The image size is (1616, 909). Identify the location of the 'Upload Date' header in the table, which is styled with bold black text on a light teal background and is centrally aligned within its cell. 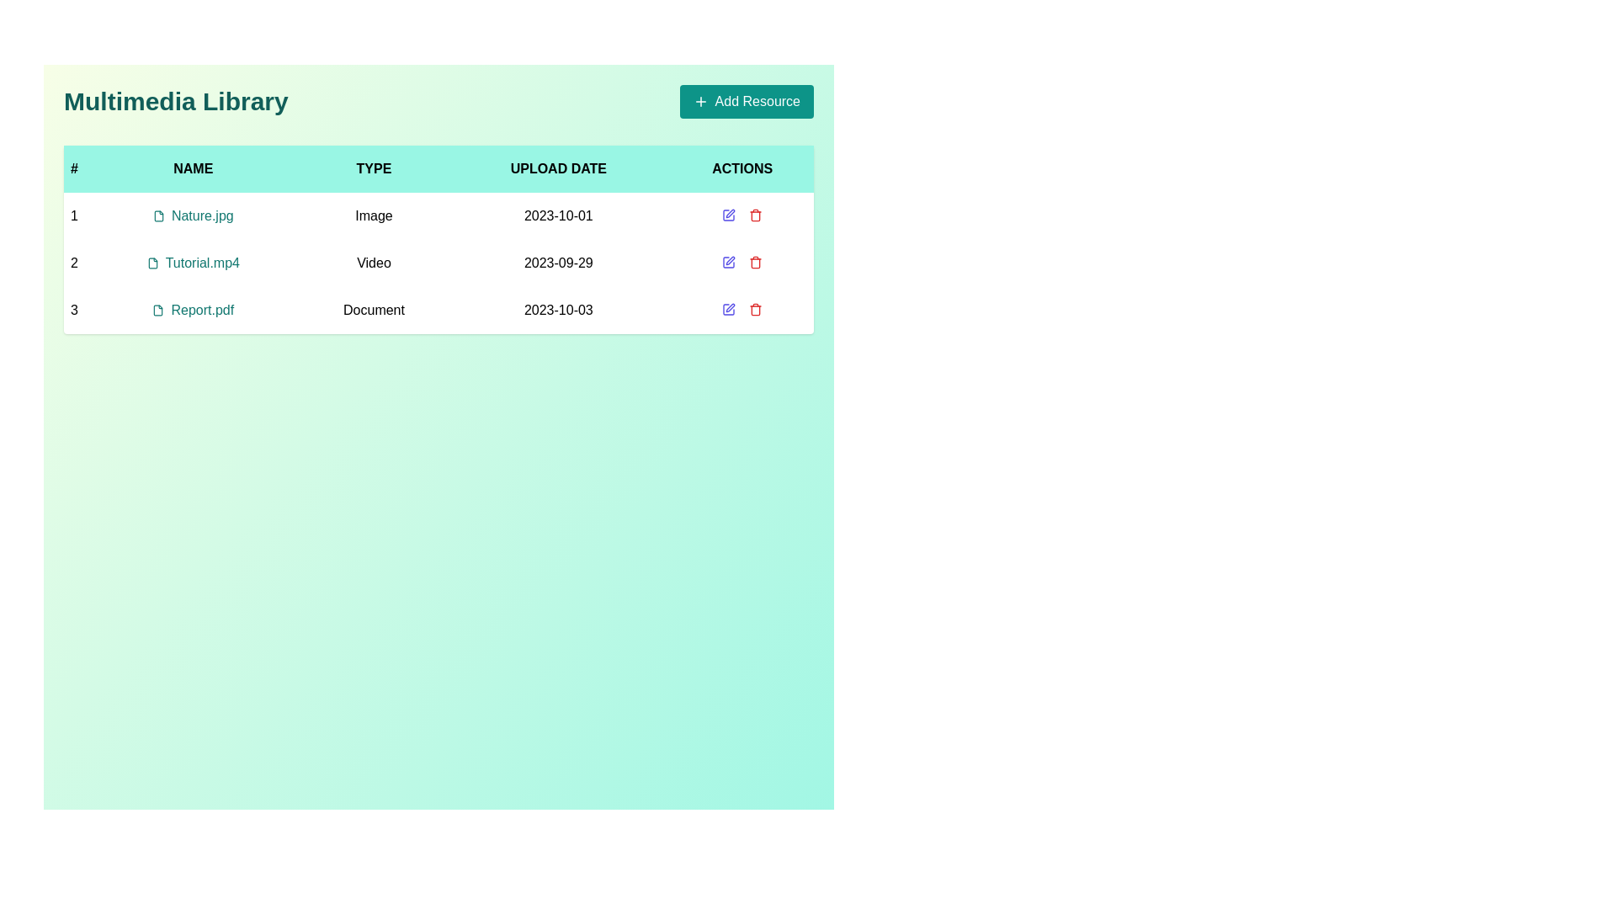
(558, 168).